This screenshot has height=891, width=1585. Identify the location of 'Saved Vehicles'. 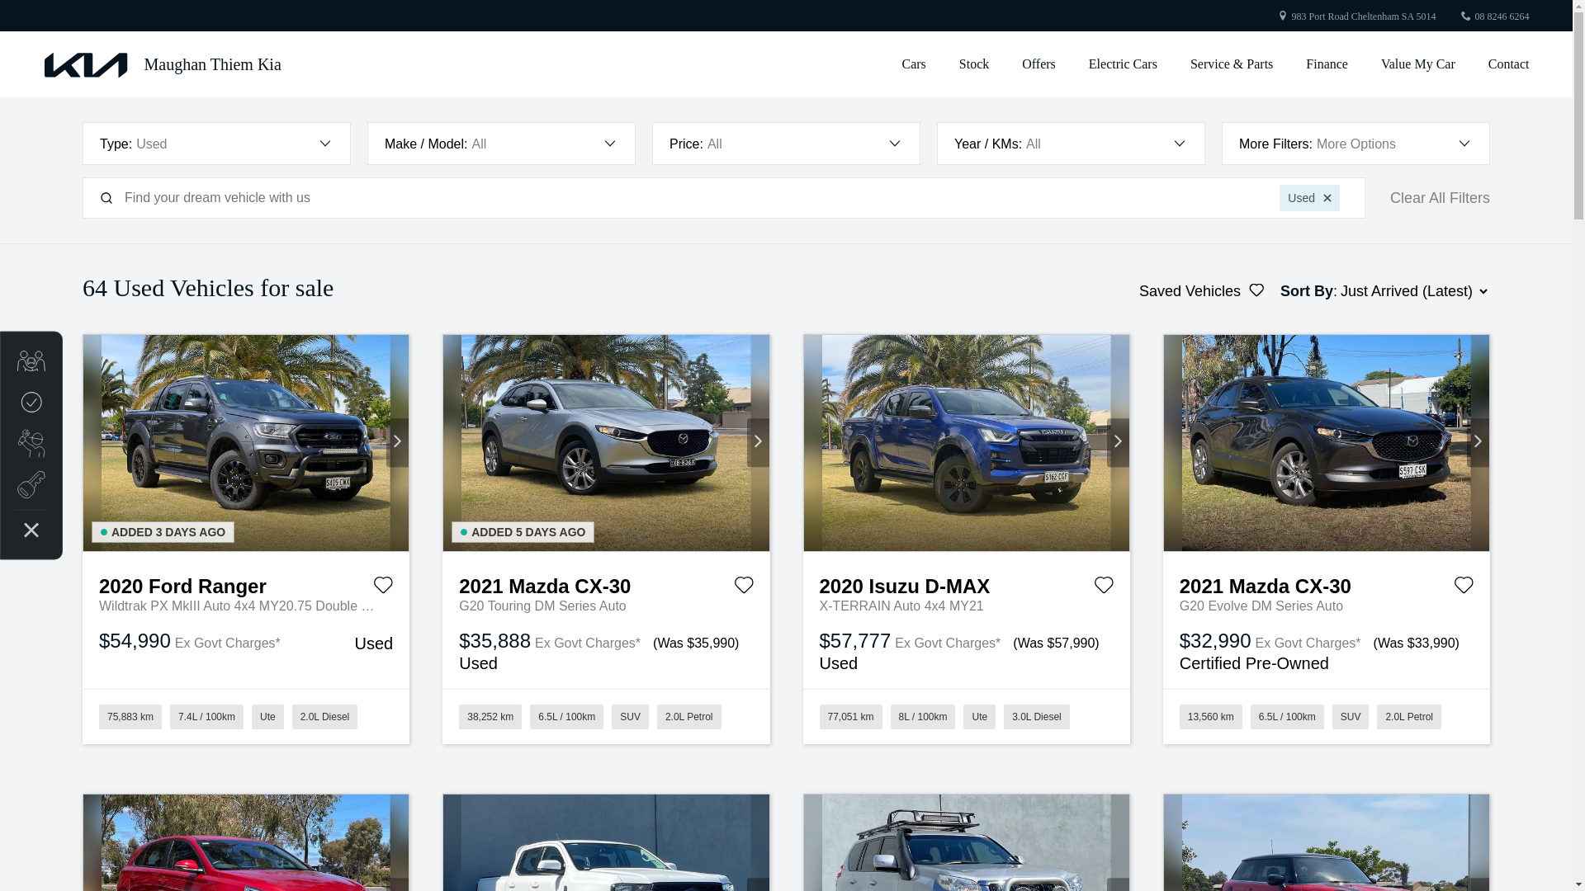
(1201, 290).